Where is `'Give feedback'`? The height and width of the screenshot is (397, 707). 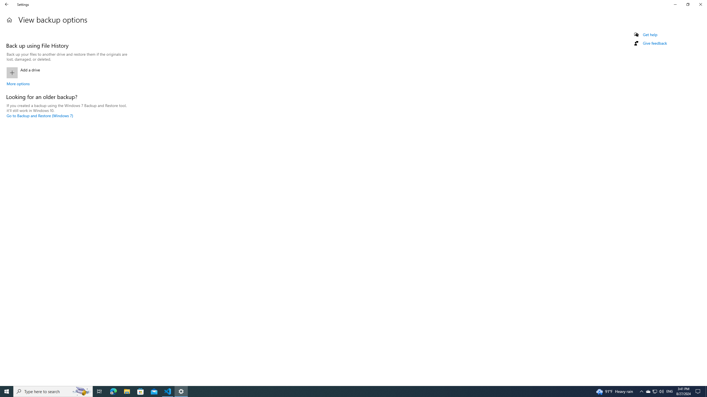
'Give feedback' is located at coordinates (654, 43).